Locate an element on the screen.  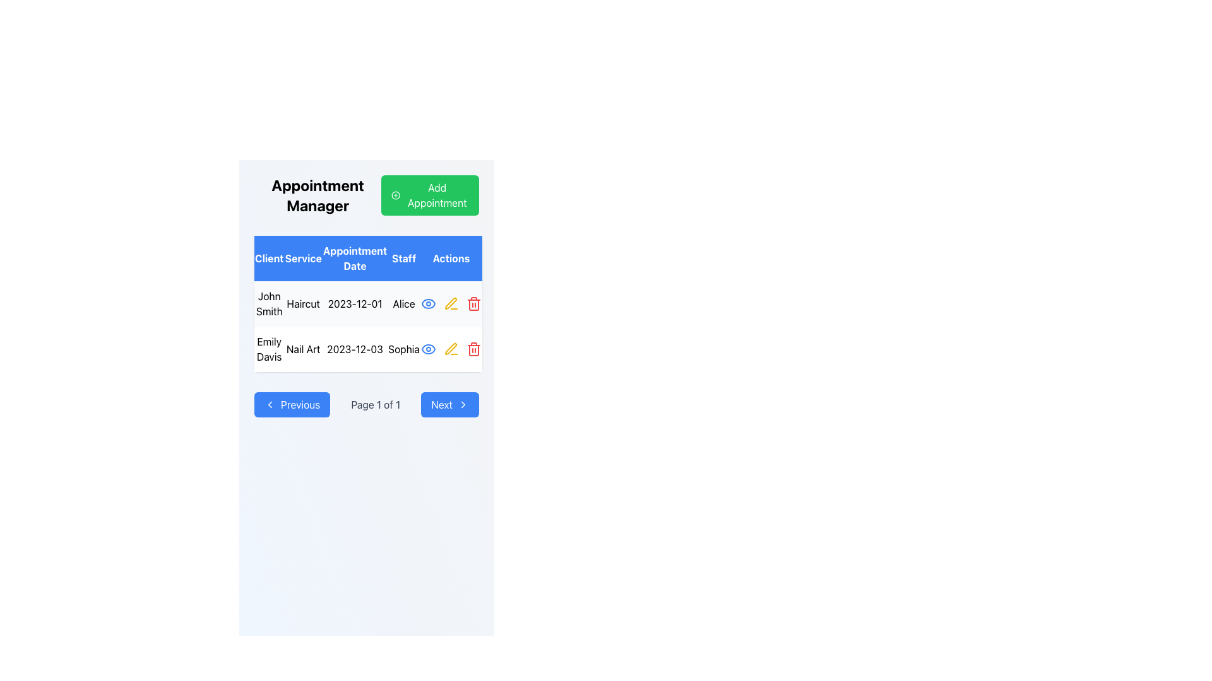
the trash can icon in the Actions column of the second row is located at coordinates (473, 305).